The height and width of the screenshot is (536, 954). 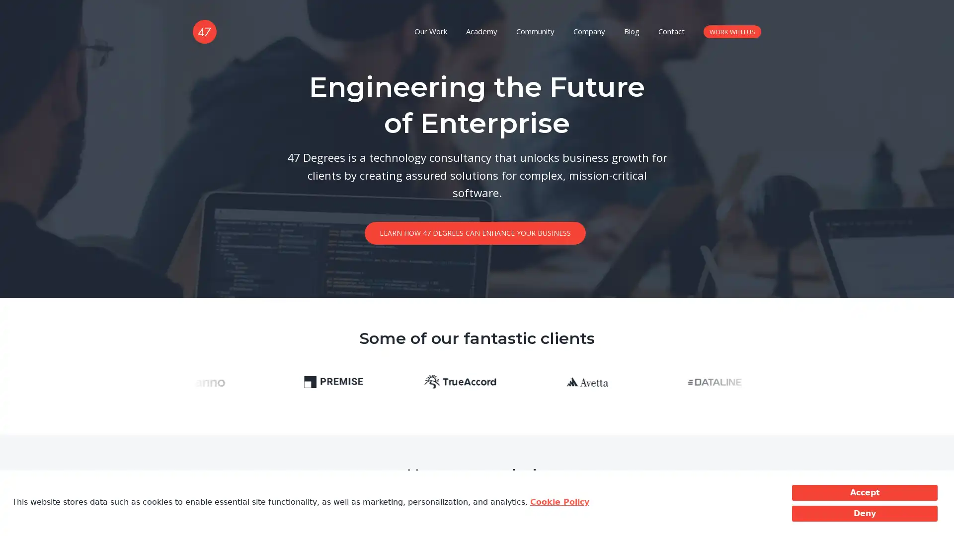 What do you see at coordinates (864, 492) in the screenshot?
I see `Accept` at bounding box center [864, 492].